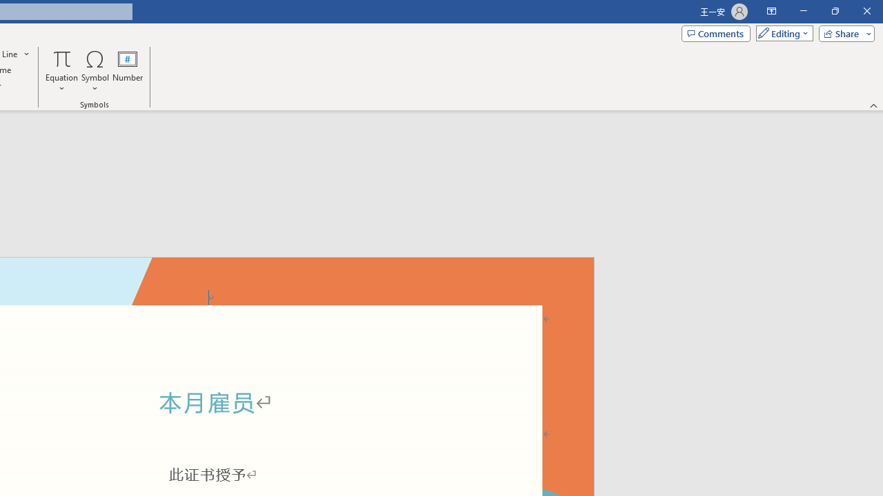  I want to click on 'Equation', so click(61, 71).